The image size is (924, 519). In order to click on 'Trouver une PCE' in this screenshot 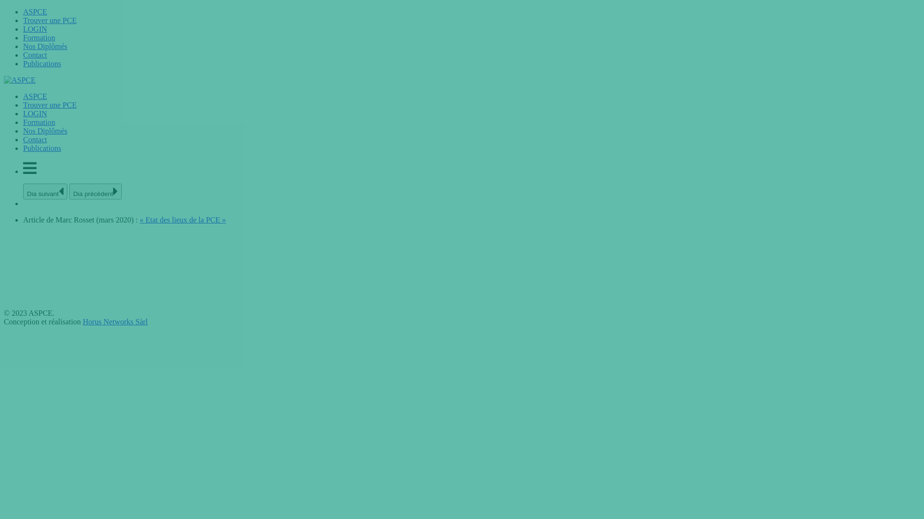, I will do `click(49, 20)`.